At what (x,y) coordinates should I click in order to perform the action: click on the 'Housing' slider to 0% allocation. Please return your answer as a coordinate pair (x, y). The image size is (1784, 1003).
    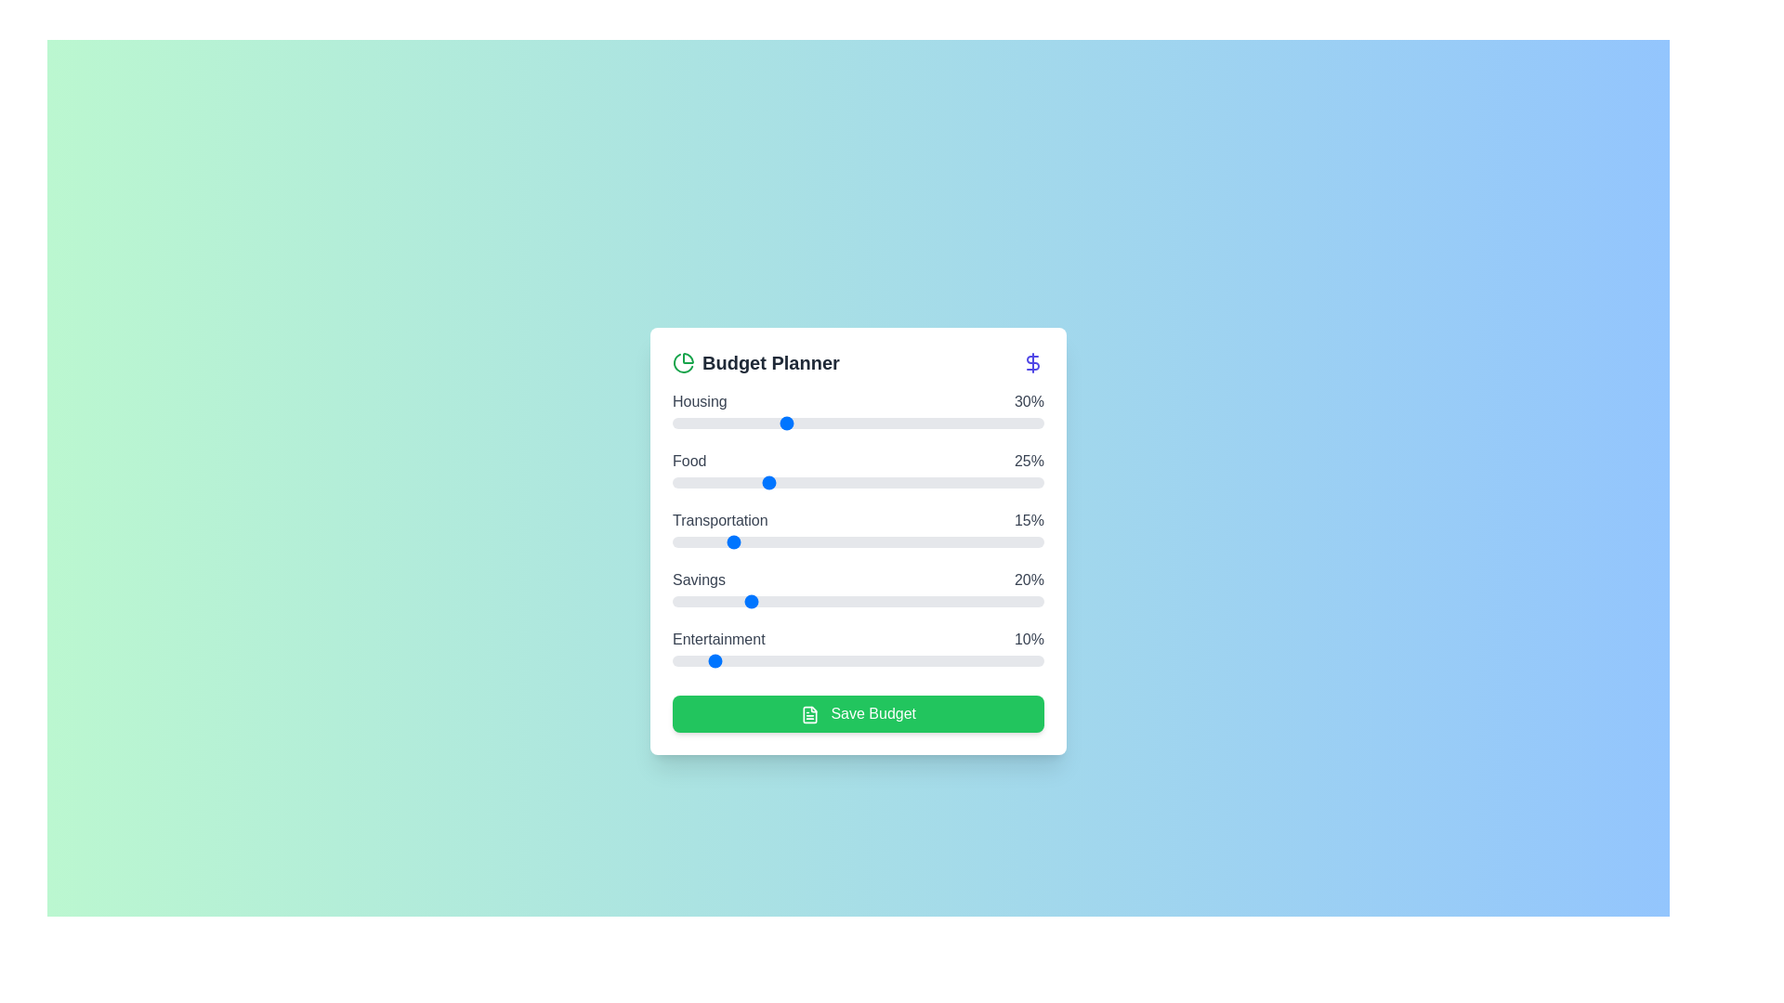
    Looking at the image, I should click on (672, 423).